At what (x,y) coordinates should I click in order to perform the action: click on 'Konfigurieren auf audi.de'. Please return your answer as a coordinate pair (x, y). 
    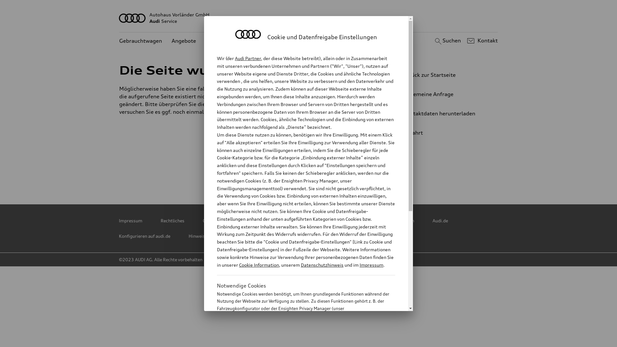
    Looking at the image, I should click on (144, 236).